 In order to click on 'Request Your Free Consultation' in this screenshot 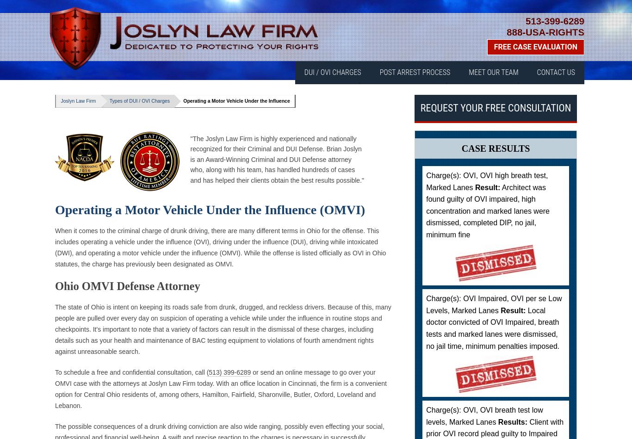, I will do `click(495, 107)`.